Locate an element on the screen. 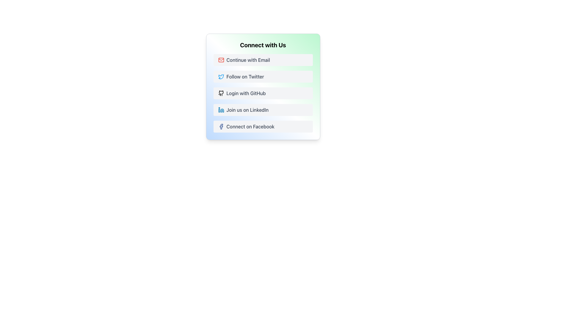 This screenshot has width=571, height=321. the 'Join us on LinkedIn' button by clicking on the LinkedIn logo, which is positioned at the leftmost side of the button is located at coordinates (221, 110).